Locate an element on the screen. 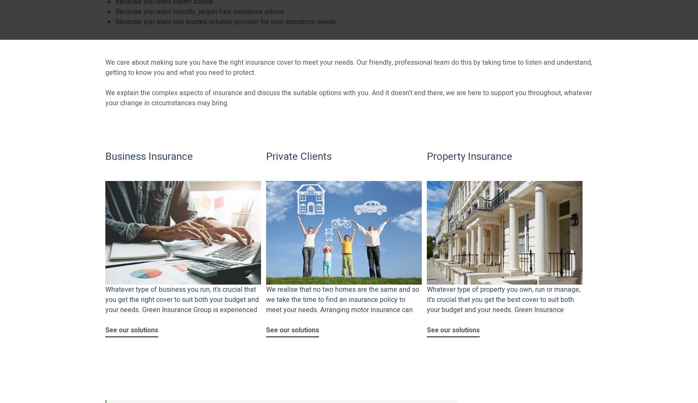 The width and height of the screenshot is (698, 403). 'Whatever type of business you run, it's crucial that you get the right cover to suit both your budget and your needs. Green Insurance Group is experienced at offering you professional friendly advice and cover.' is located at coordinates (181, 310).